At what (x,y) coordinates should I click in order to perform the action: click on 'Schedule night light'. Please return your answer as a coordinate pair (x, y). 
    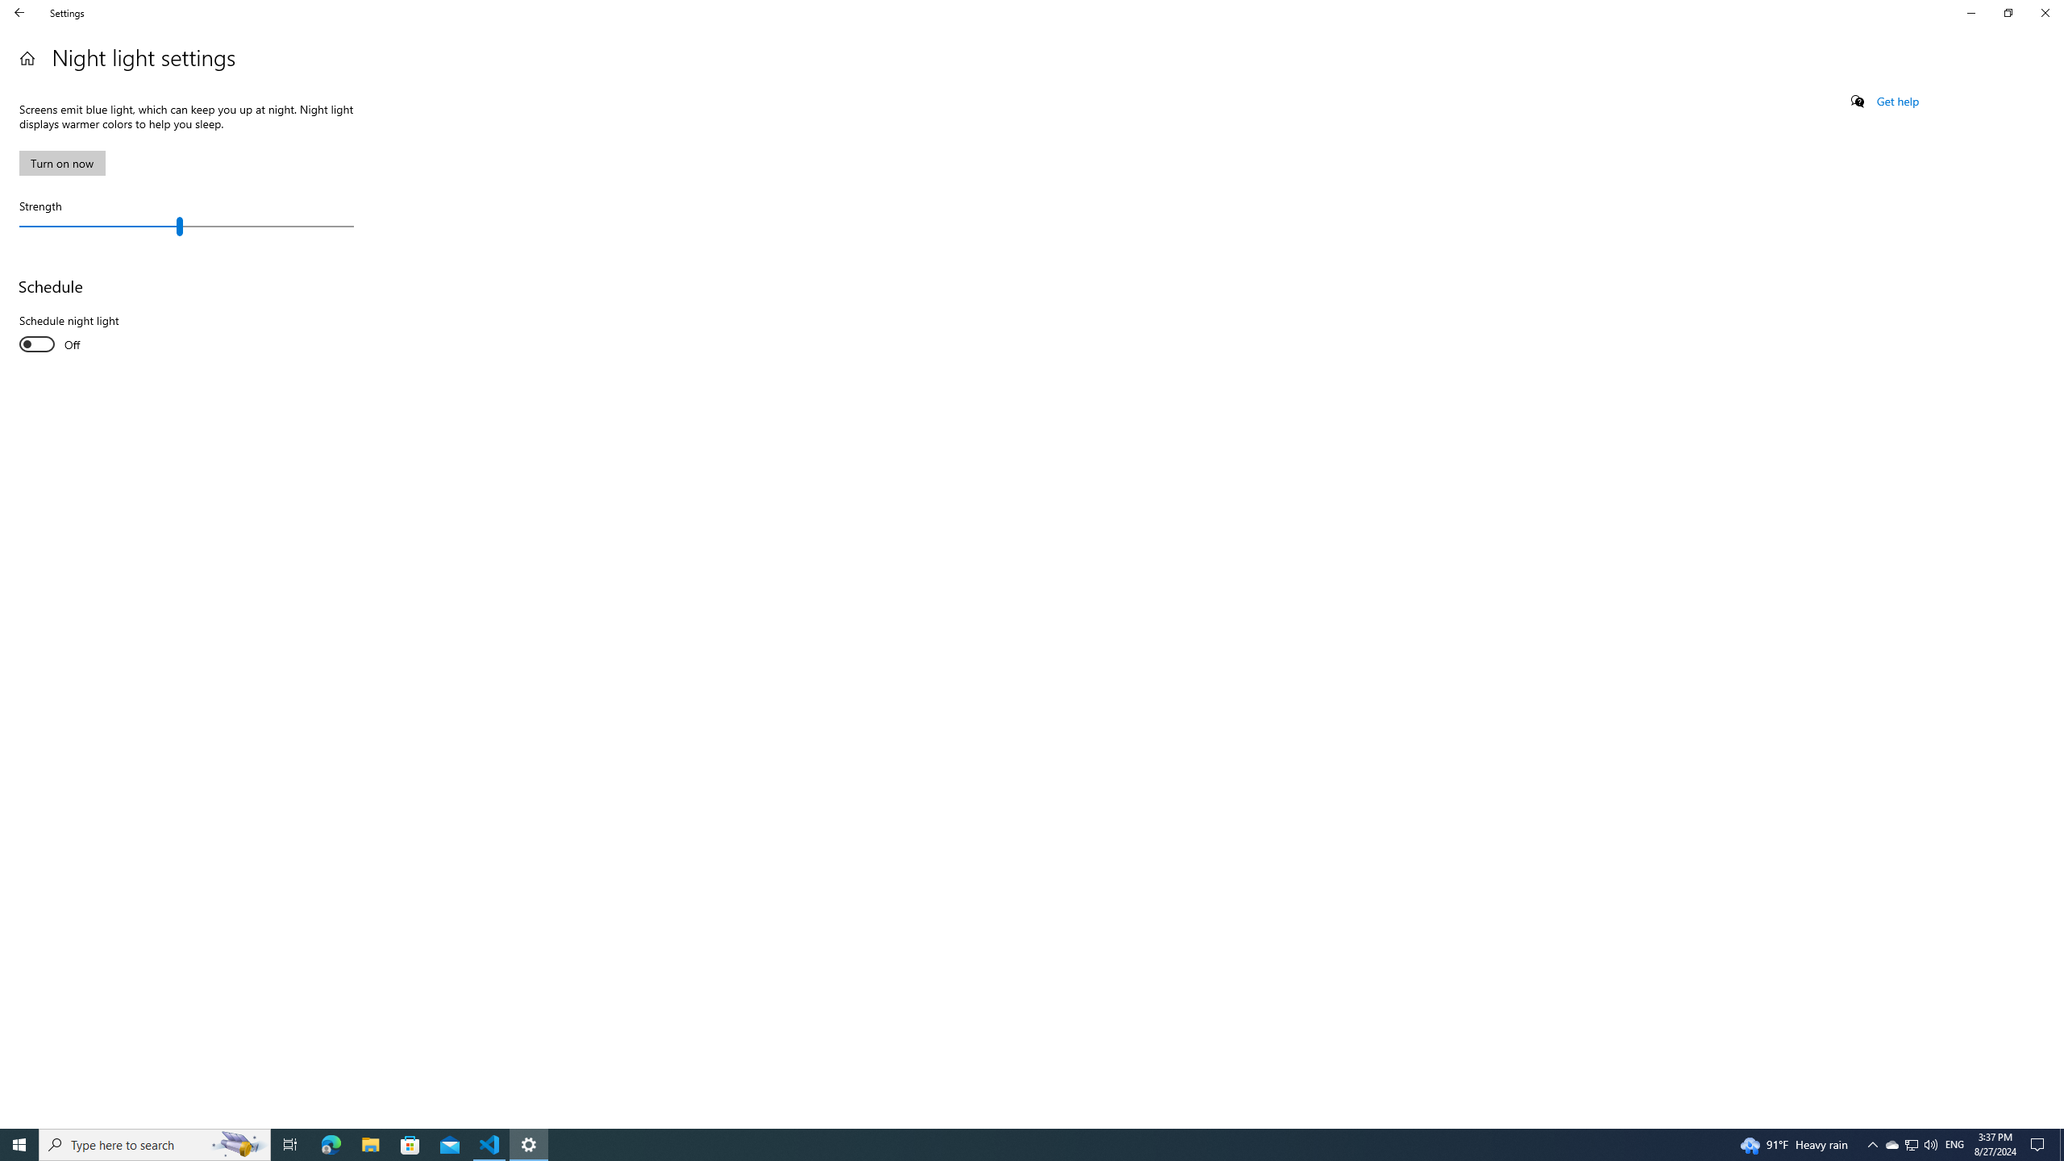
    Looking at the image, I should click on (78, 334).